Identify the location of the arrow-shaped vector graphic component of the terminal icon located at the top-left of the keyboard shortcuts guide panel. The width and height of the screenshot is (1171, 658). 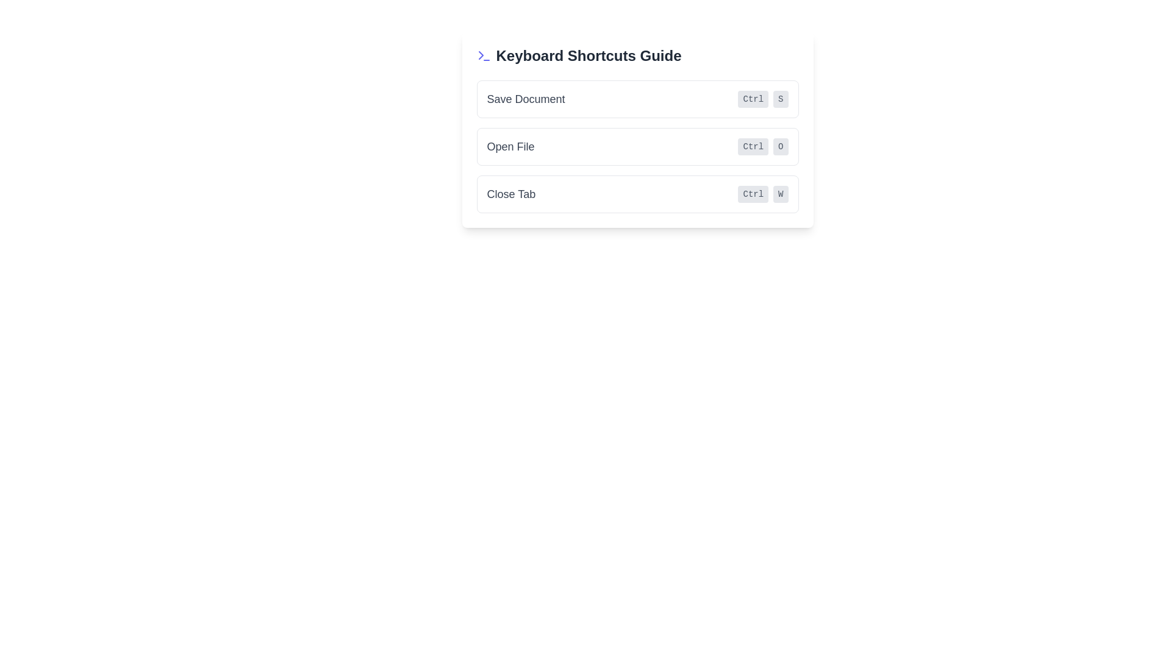
(480, 55).